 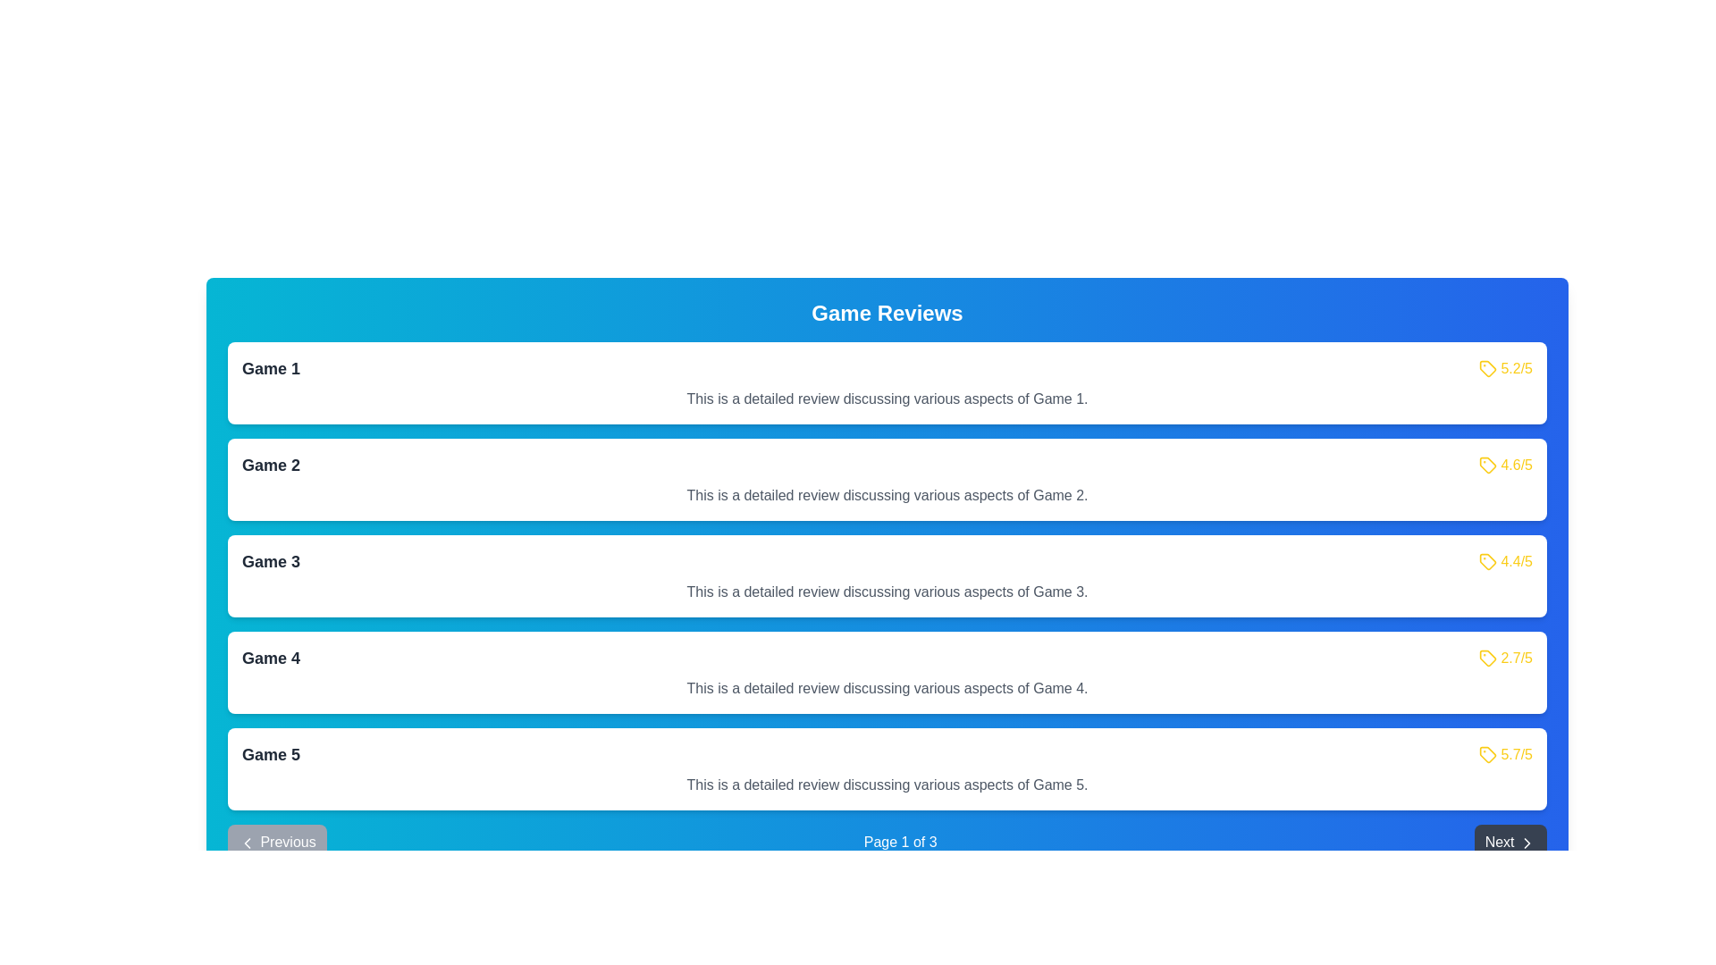 What do you see at coordinates (1526, 842) in the screenshot?
I see `the right-pointing chevron icon located at the bottom-right corner of the interface, embedded in the 'Next' button` at bounding box center [1526, 842].